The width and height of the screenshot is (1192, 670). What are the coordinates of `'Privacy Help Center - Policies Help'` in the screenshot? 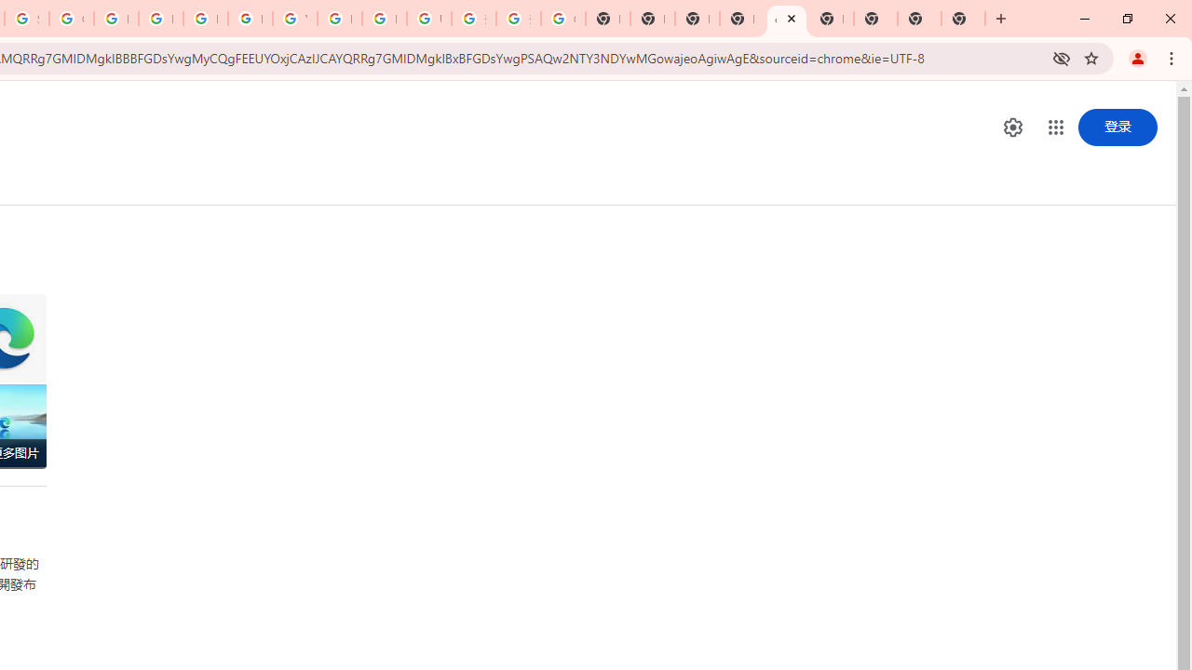 It's located at (160, 19).